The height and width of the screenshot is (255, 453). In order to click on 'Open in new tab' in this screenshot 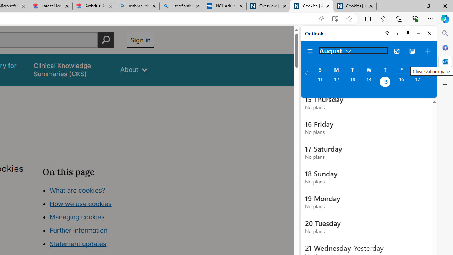, I will do `click(396, 51)`.